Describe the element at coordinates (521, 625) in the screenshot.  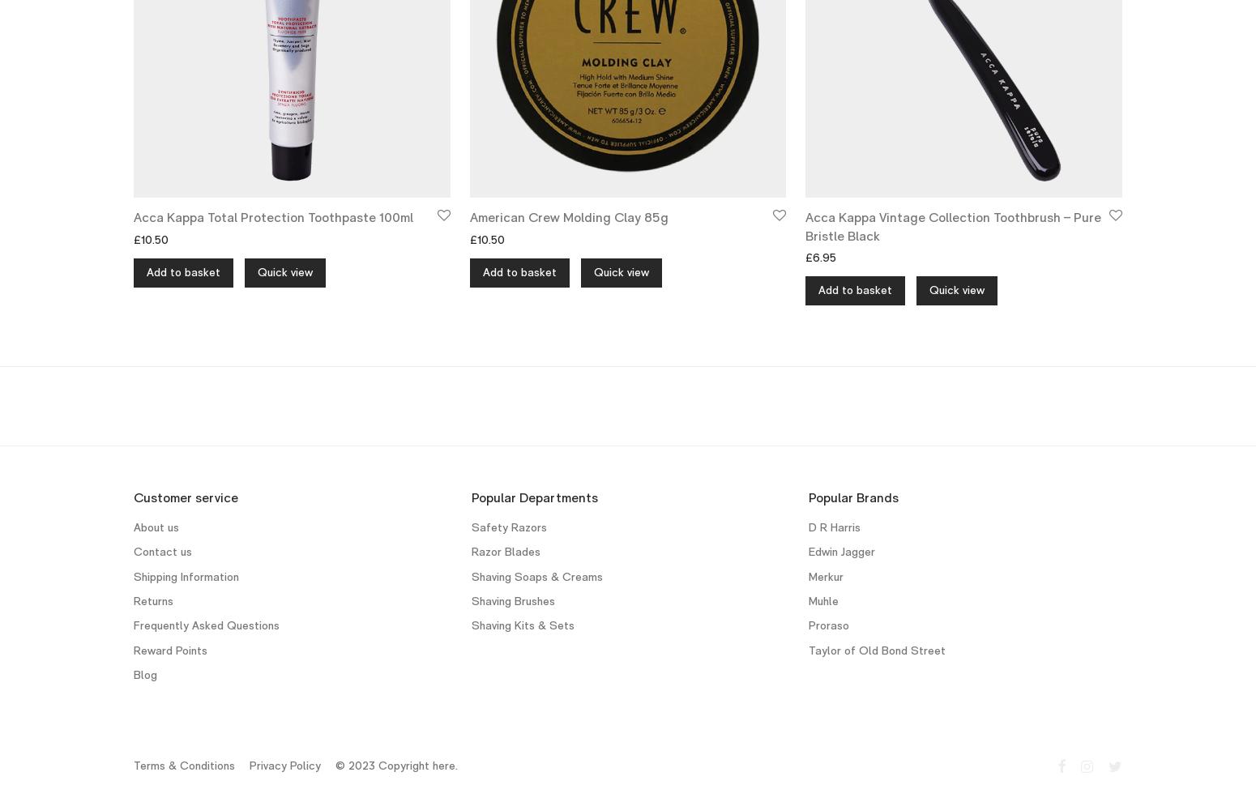
I see `'Shaving Kits & Sets'` at that location.